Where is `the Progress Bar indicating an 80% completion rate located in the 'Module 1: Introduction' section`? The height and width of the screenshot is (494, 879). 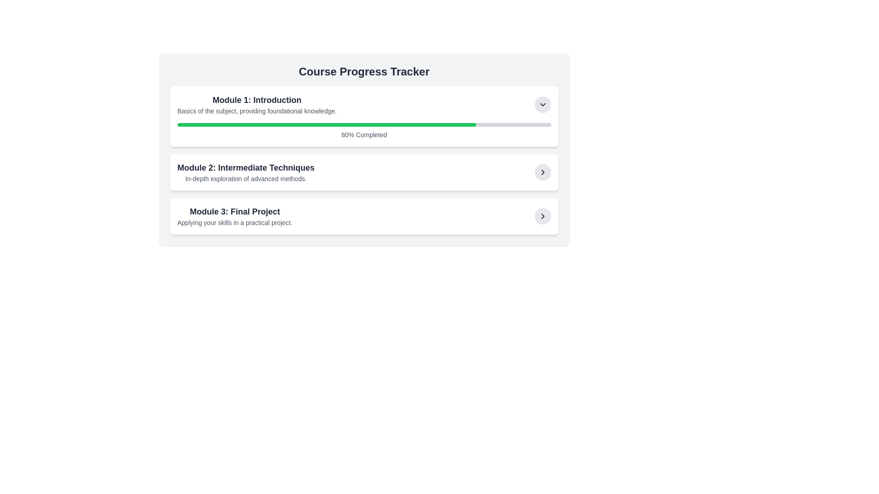
the Progress Bar indicating an 80% completion rate located in the 'Module 1: Introduction' section is located at coordinates (364, 131).